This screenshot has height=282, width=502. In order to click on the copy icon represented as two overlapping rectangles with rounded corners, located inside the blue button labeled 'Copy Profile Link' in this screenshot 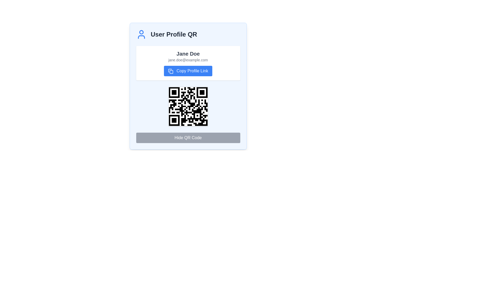, I will do `click(170, 71)`.